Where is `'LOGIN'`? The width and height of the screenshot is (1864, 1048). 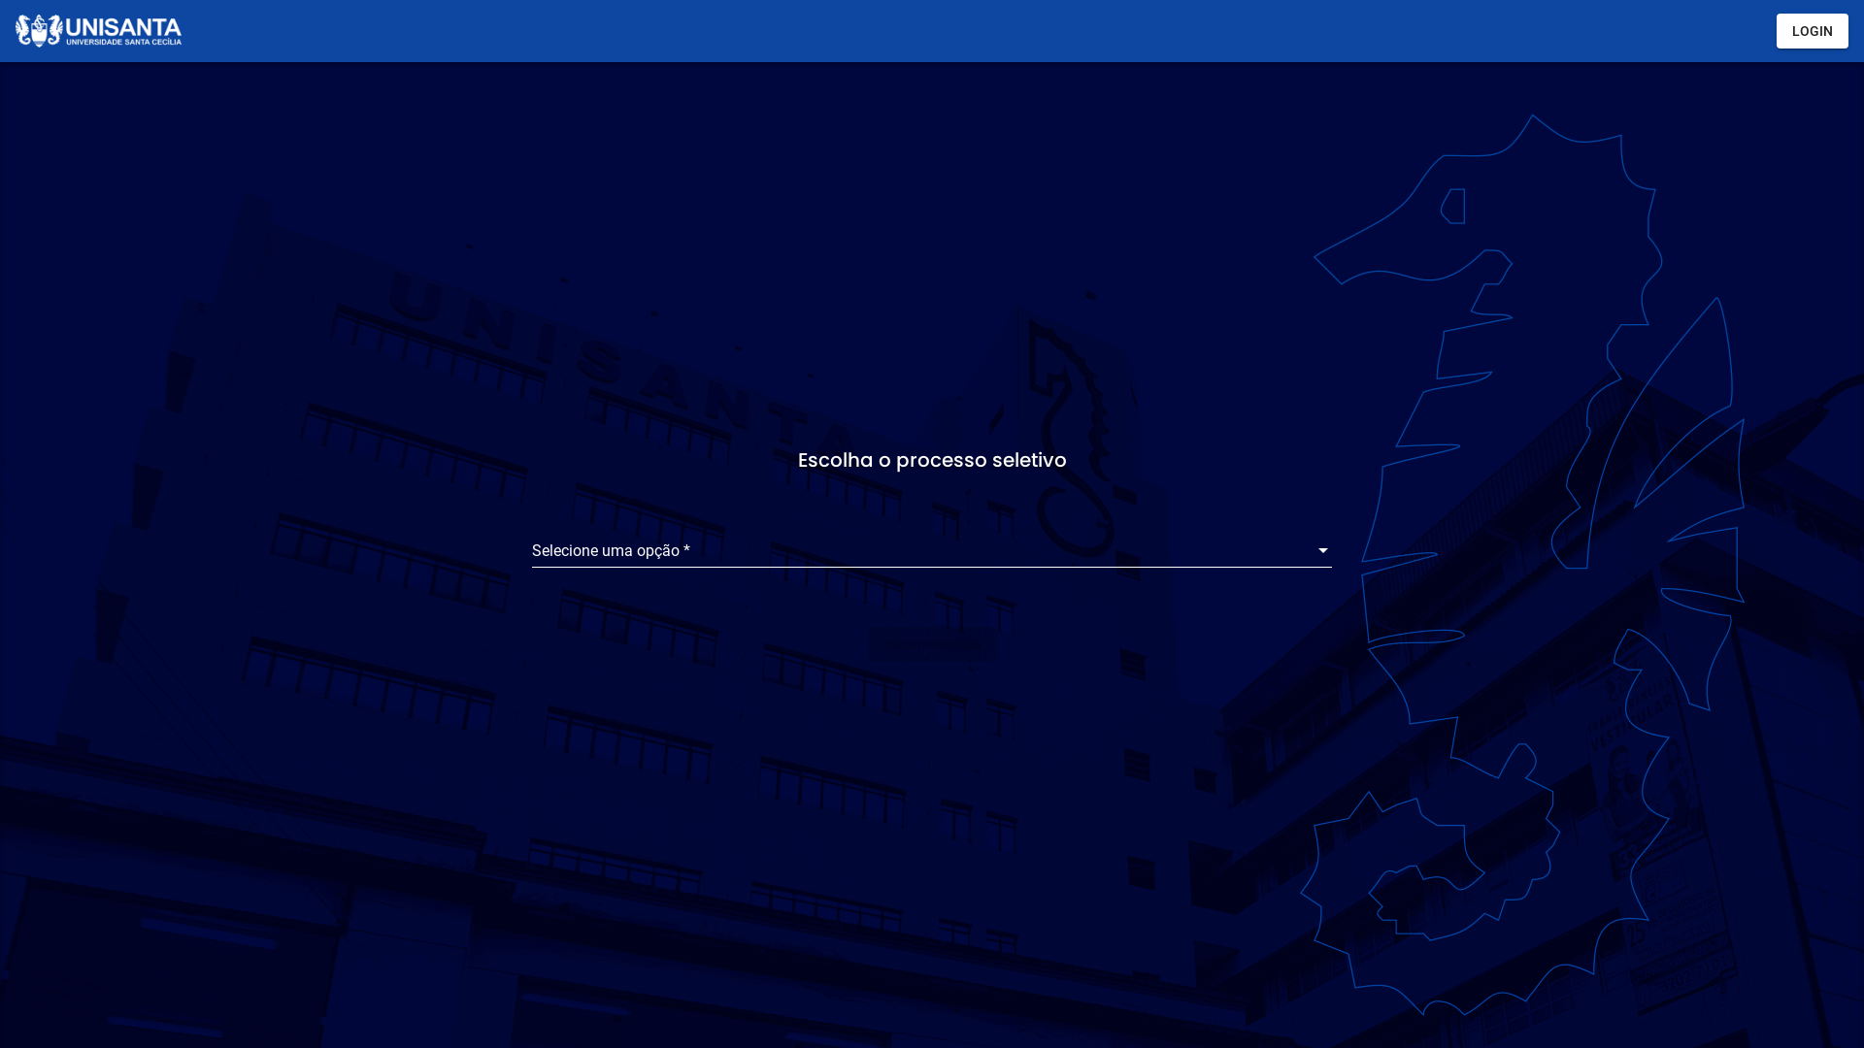 'LOGIN' is located at coordinates (1812, 30).